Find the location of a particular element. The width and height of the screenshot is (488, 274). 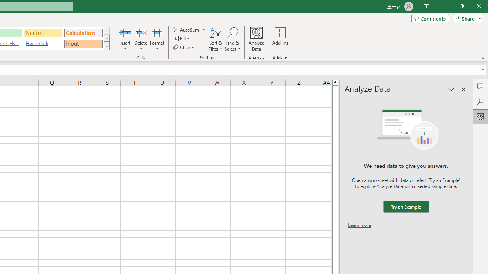

'Input' is located at coordinates (83, 43).